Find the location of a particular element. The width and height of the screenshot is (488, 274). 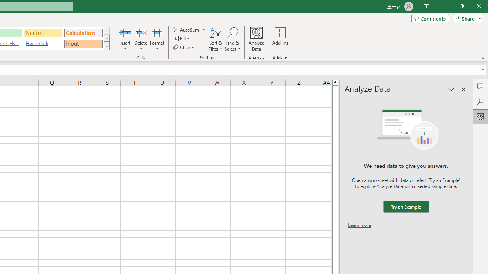

'Input' is located at coordinates (83, 43).